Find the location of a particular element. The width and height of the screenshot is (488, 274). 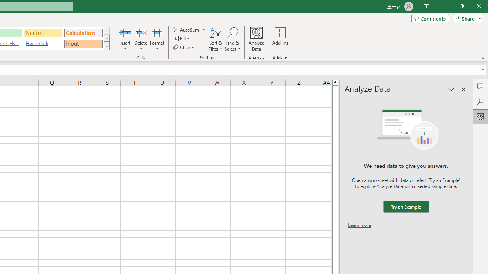

'Input' is located at coordinates (83, 43).